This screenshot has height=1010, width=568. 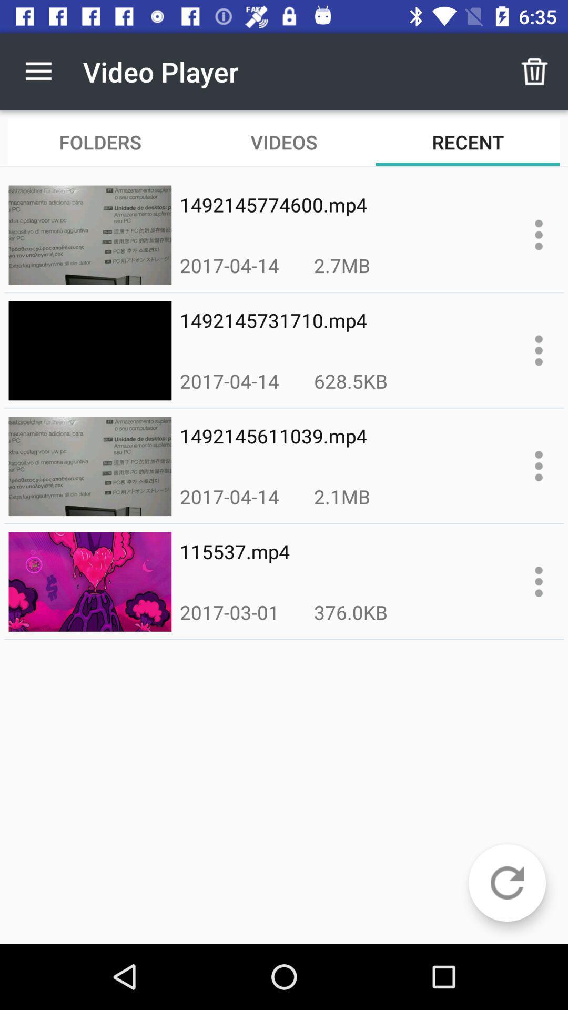 I want to click on more options, so click(x=539, y=581).